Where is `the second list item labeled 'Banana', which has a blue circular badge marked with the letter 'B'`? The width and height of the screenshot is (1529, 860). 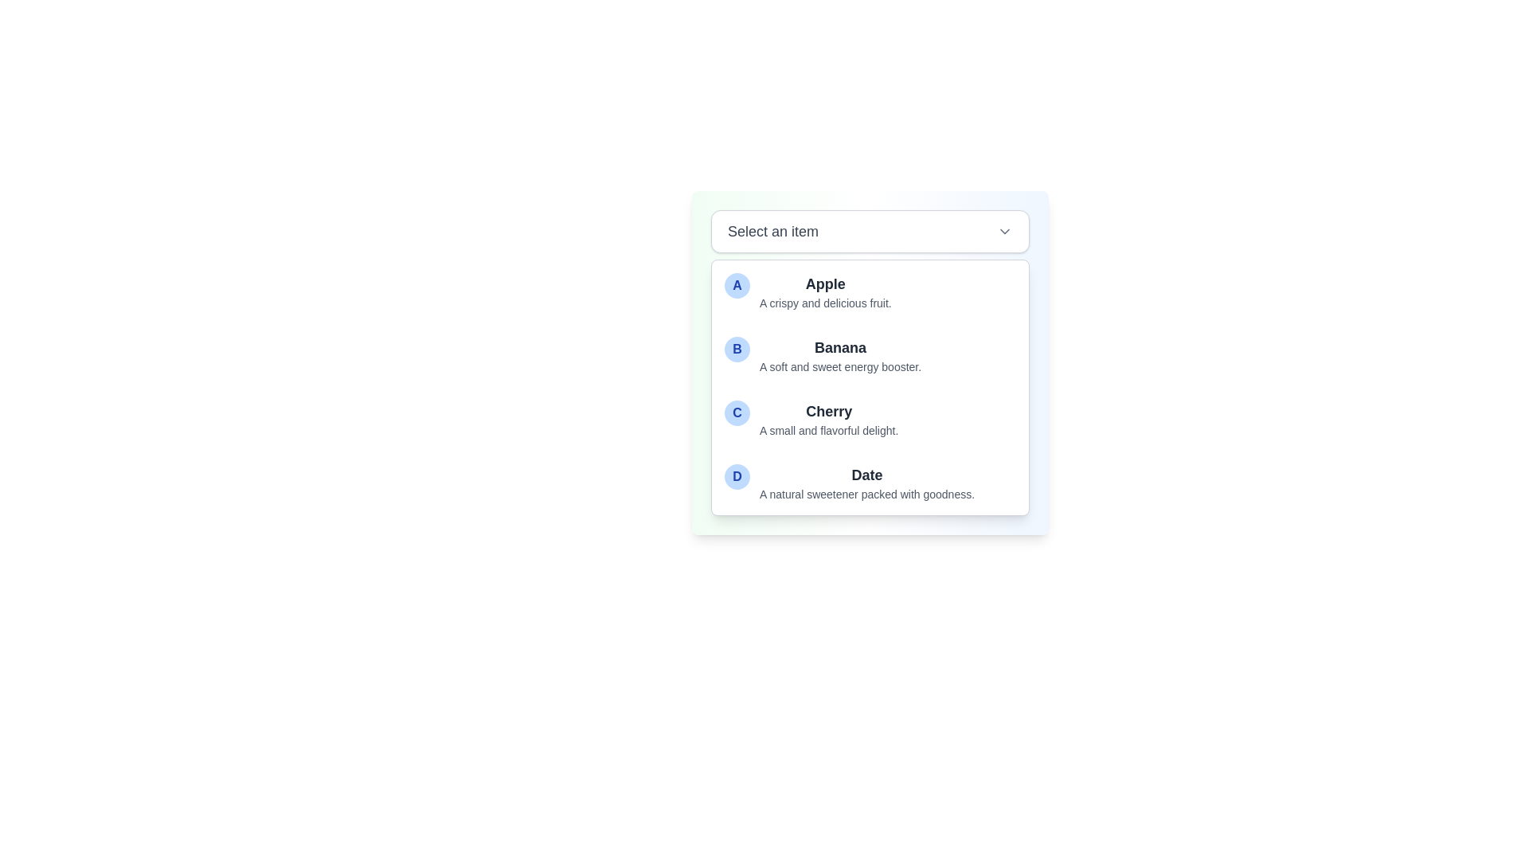
the second list item labeled 'Banana', which has a blue circular badge marked with the letter 'B' is located at coordinates (870, 371).